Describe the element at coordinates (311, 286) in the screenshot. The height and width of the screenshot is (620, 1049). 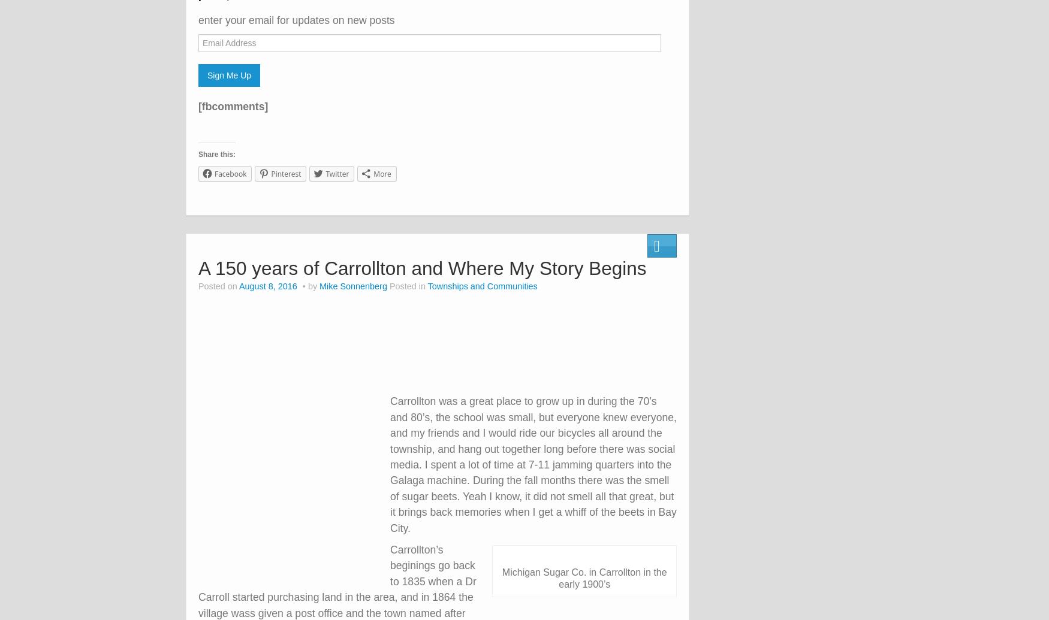
I see `'by'` at that location.